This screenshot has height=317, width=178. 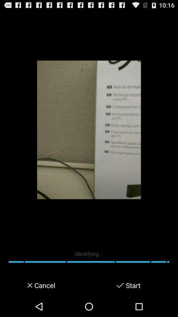 I want to click on the cancel item, so click(x=44, y=285).